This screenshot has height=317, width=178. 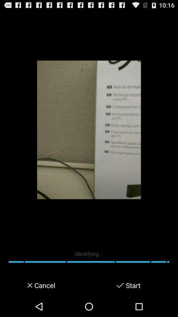 I want to click on the cancel item, so click(x=44, y=285).